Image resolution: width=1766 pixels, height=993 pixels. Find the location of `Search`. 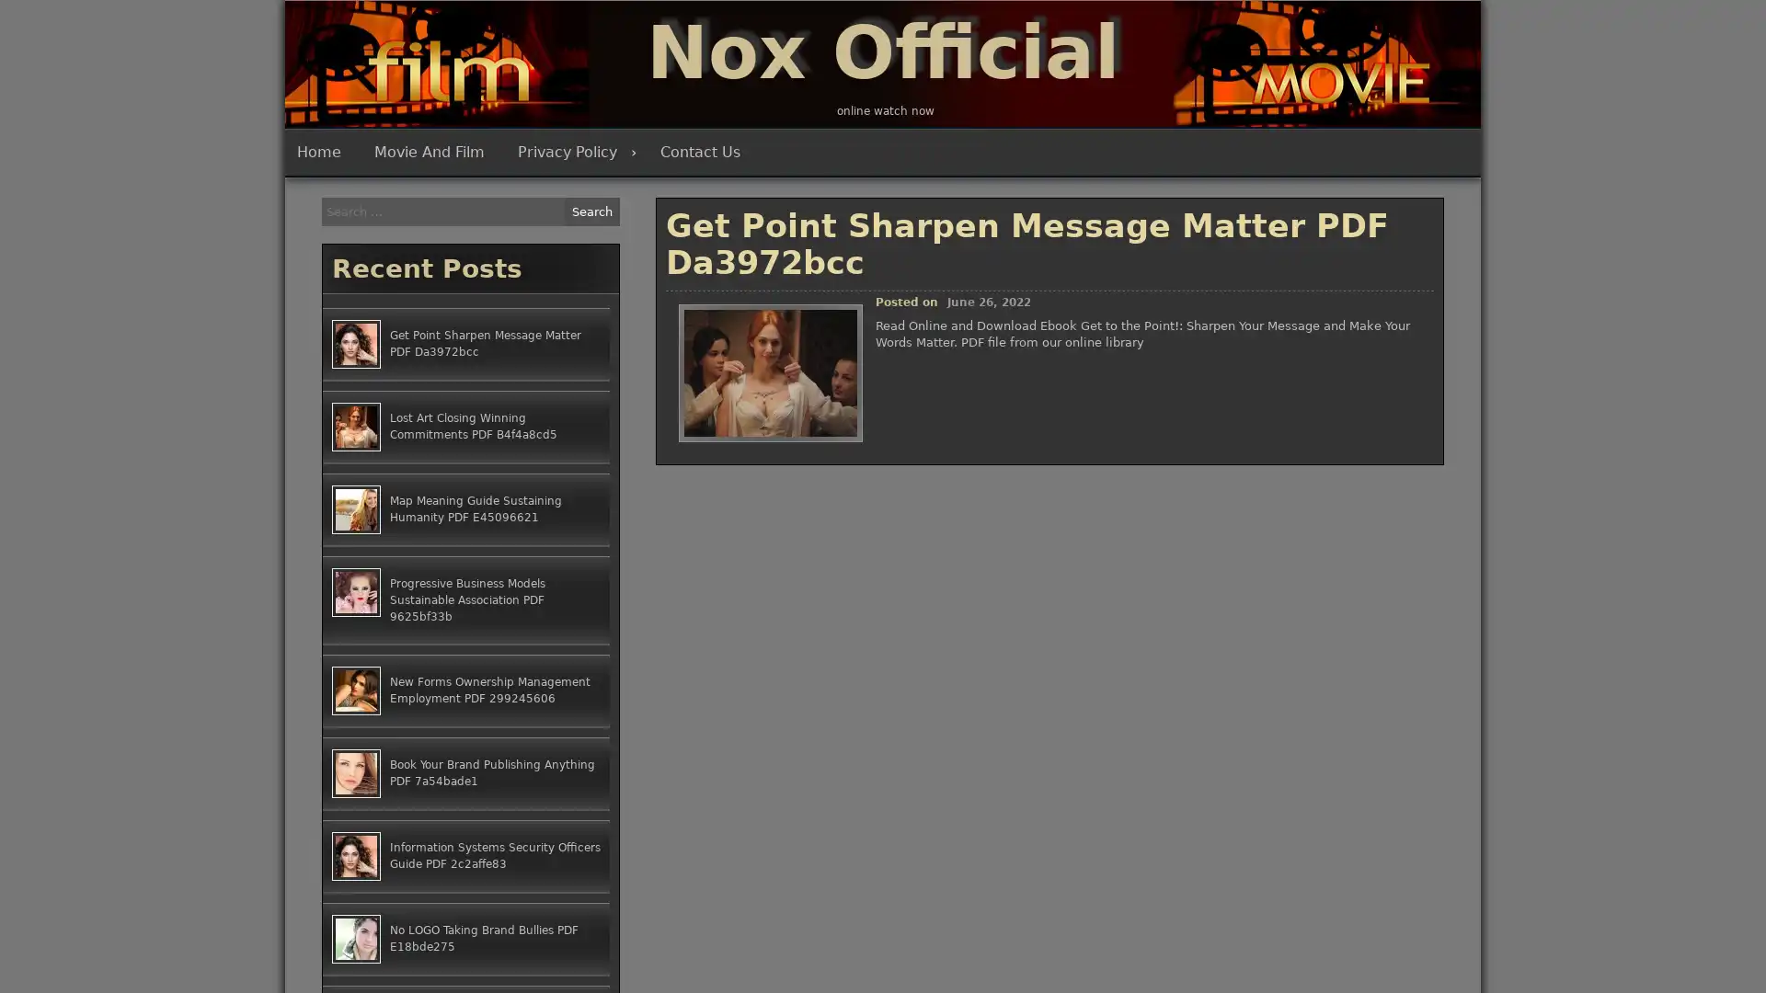

Search is located at coordinates (591, 211).